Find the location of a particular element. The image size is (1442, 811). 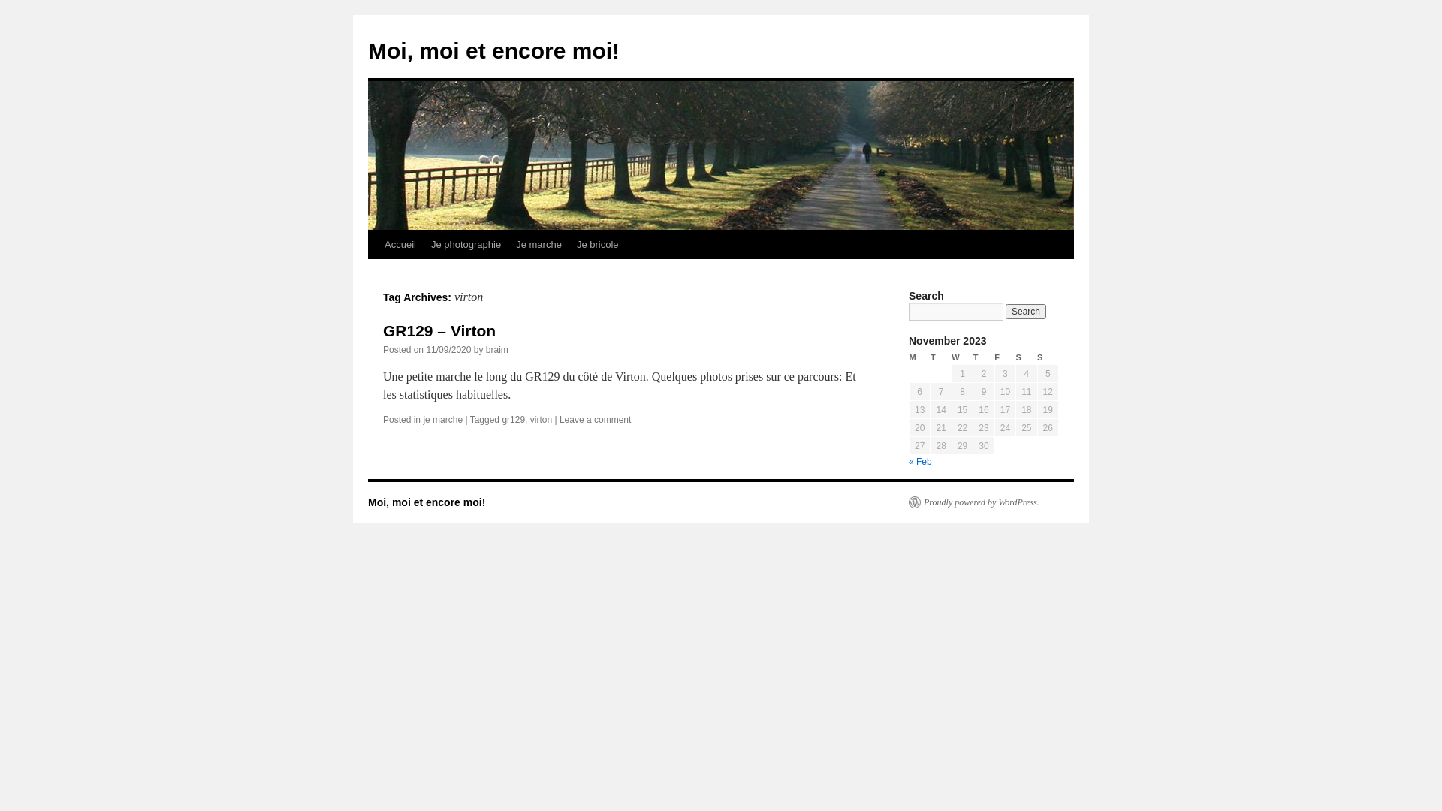

'Accueil' is located at coordinates (400, 244).